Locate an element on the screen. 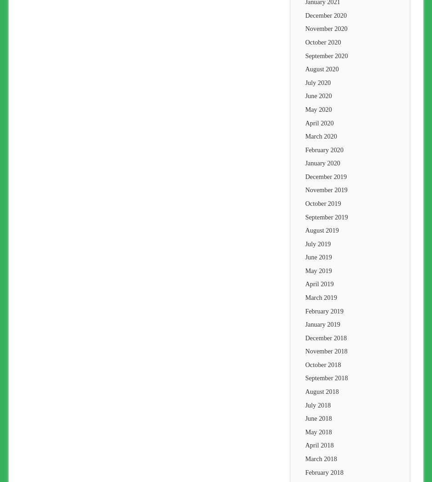  'June 2018' is located at coordinates (318, 417).